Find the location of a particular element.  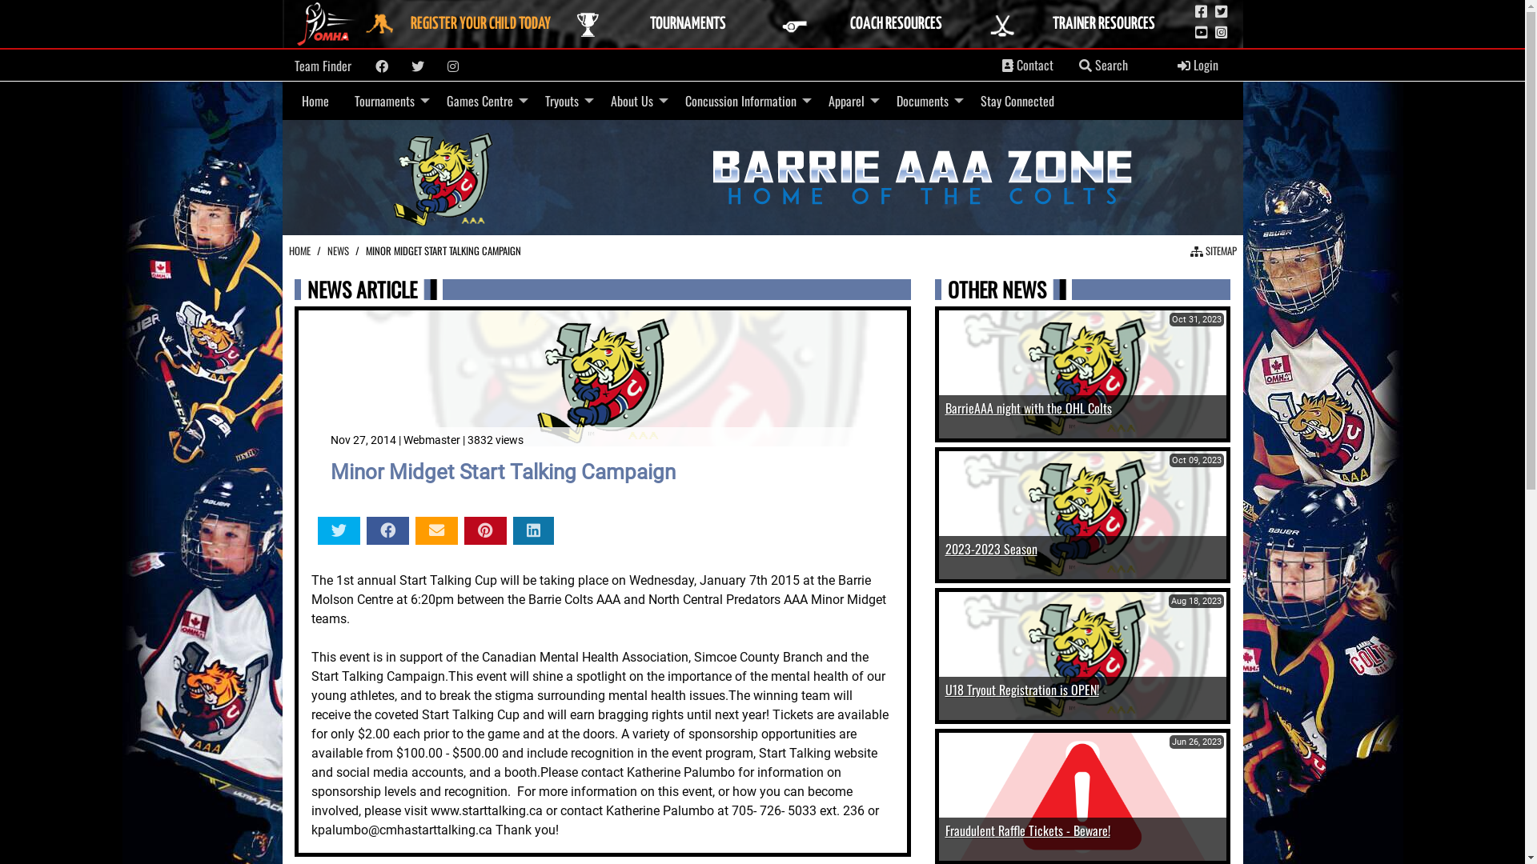

'Games Centre' is located at coordinates (482, 101).